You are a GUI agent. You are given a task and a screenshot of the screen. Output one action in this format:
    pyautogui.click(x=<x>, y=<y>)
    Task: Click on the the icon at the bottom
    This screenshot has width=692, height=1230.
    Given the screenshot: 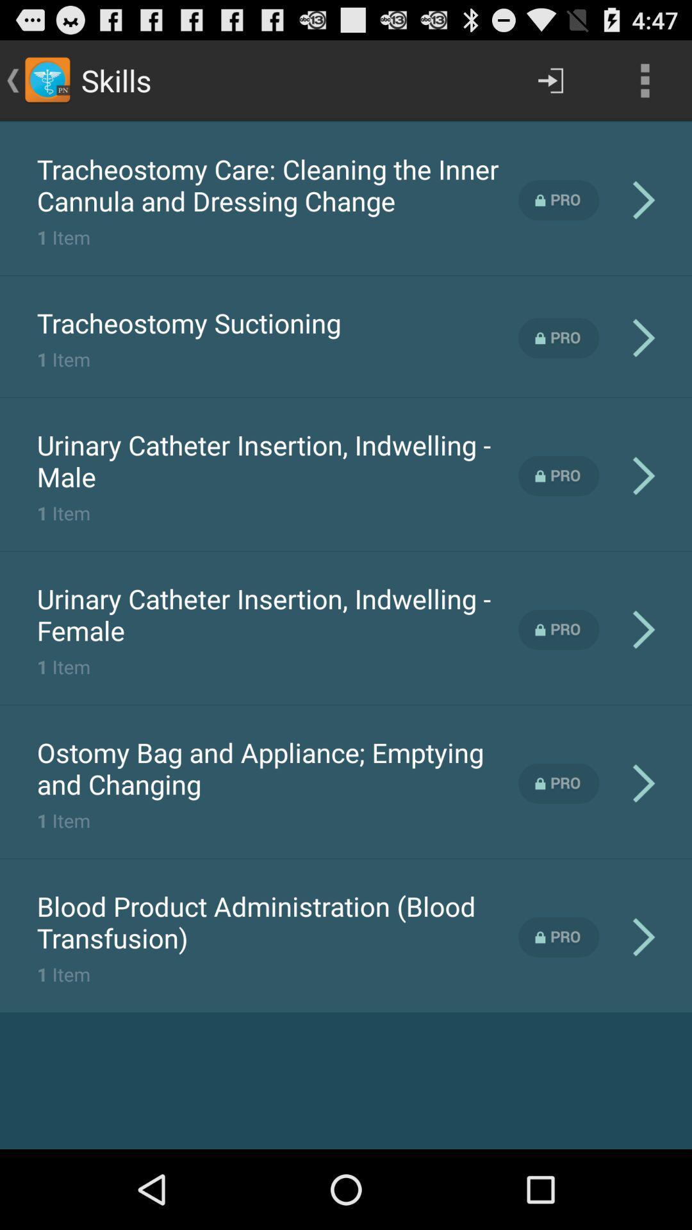 What is the action you would take?
    pyautogui.click(x=277, y=921)
    